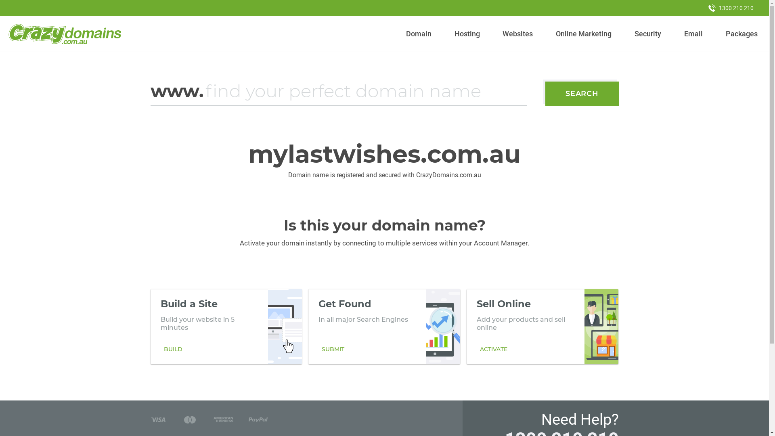  Describe the element at coordinates (693, 34) in the screenshot. I see `'Email'` at that location.